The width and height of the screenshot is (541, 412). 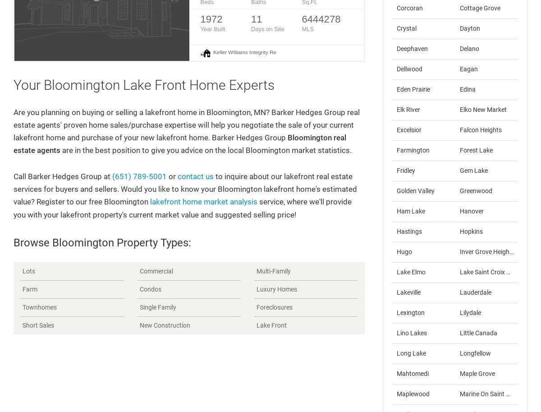 What do you see at coordinates (271, 324) in the screenshot?
I see `'Lake Front'` at bounding box center [271, 324].